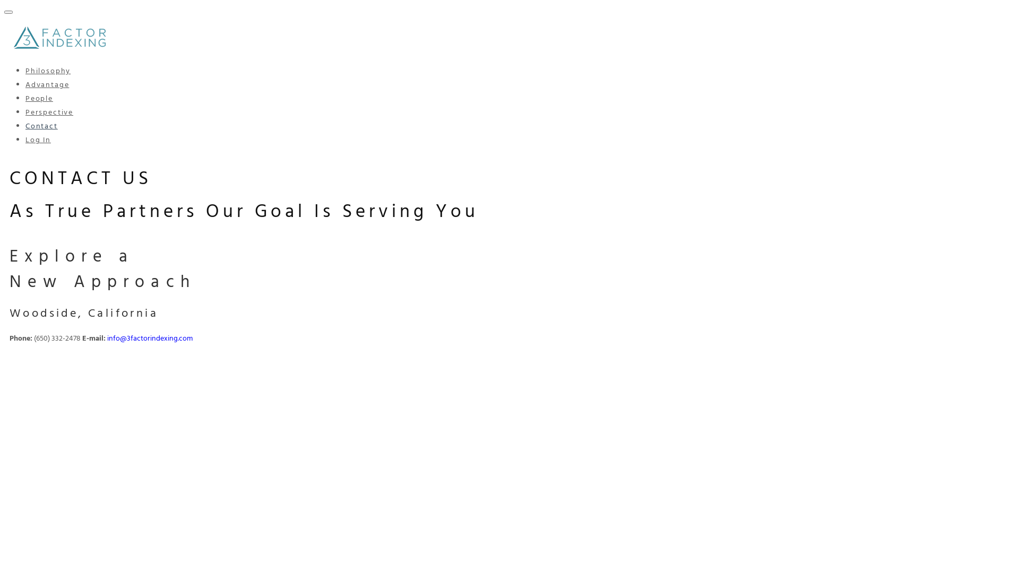  What do you see at coordinates (107, 338) in the screenshot?
I see `'info@3factorindexing.com'` at bounding box center [107, 338].